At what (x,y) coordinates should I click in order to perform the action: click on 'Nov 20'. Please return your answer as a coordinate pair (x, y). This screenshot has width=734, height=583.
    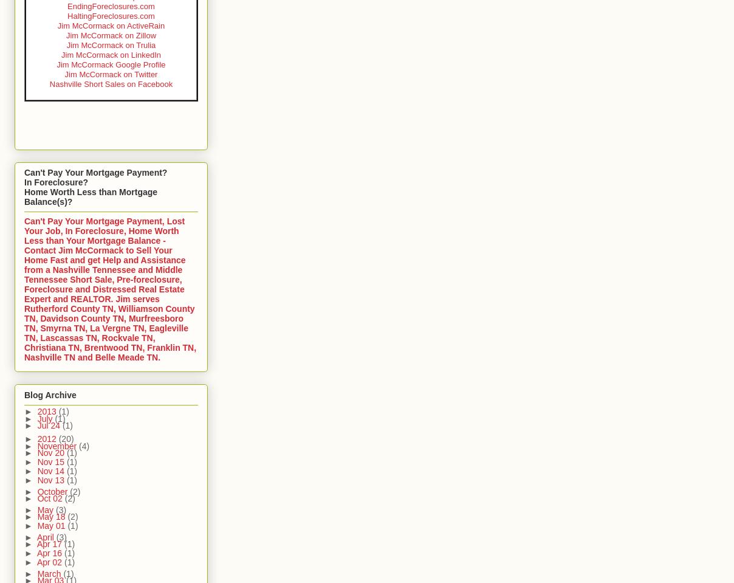
    Looking at the image, I should click on (51, 452).